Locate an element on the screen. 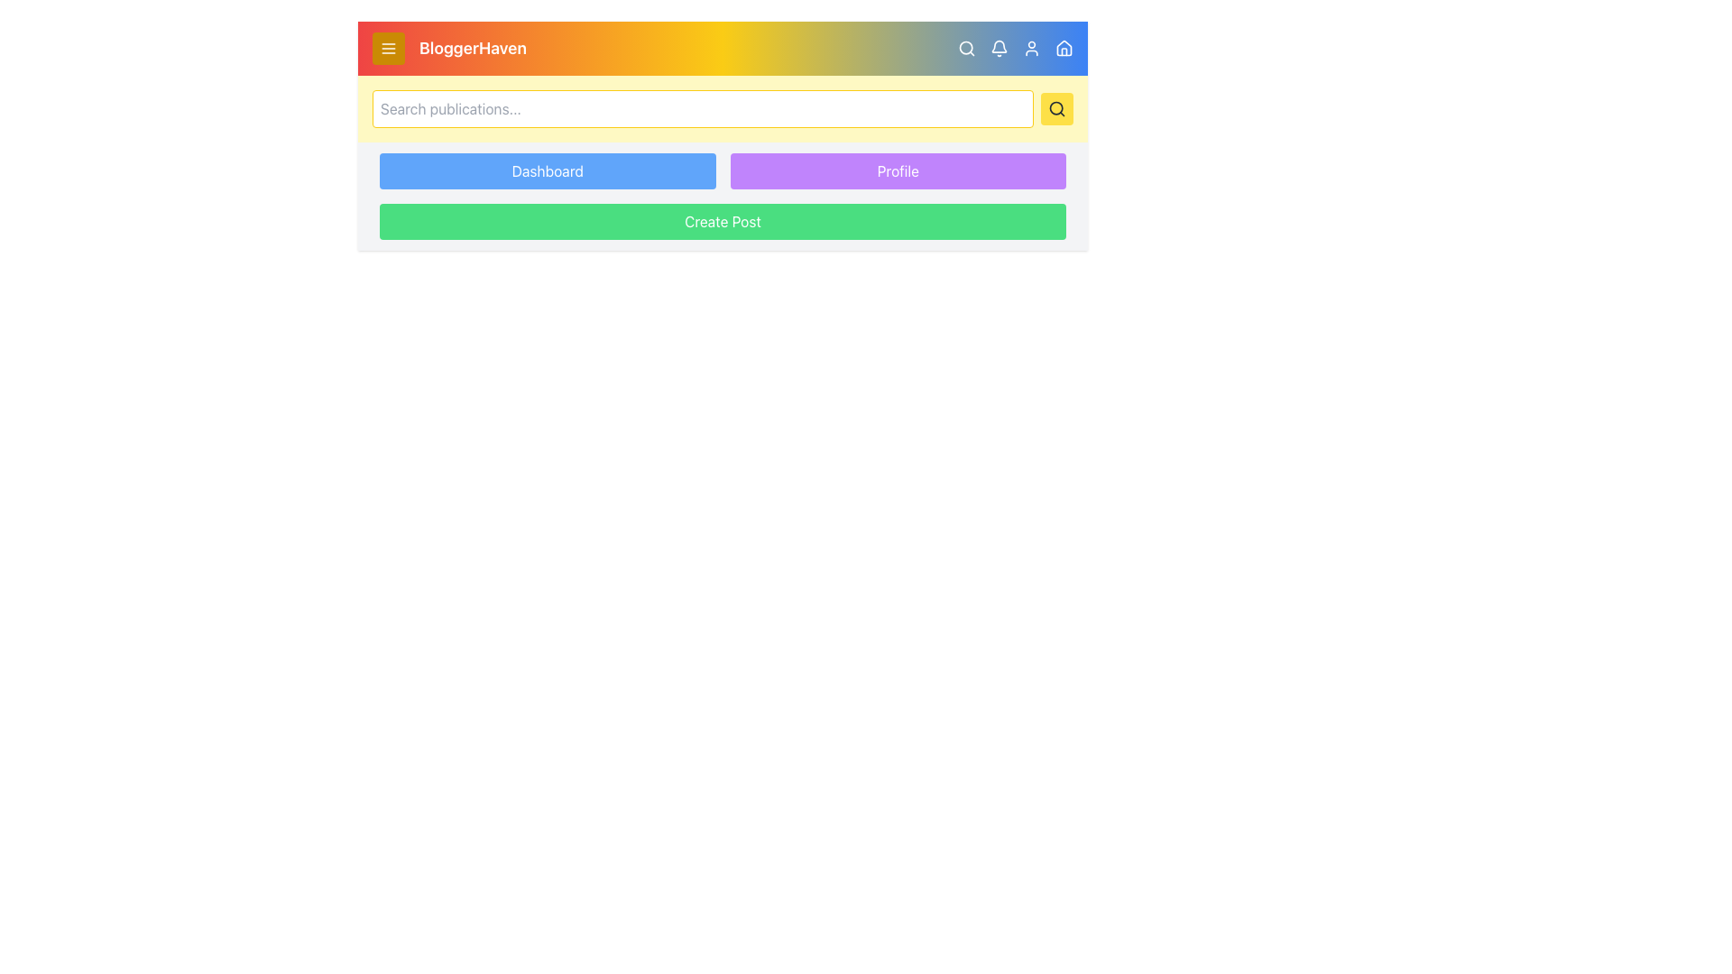  the 'Create New Post' button located beneath the 'Dashboard' and 'Profile' buttons to initiate the post creation interface is located at coordinates (723, 221).